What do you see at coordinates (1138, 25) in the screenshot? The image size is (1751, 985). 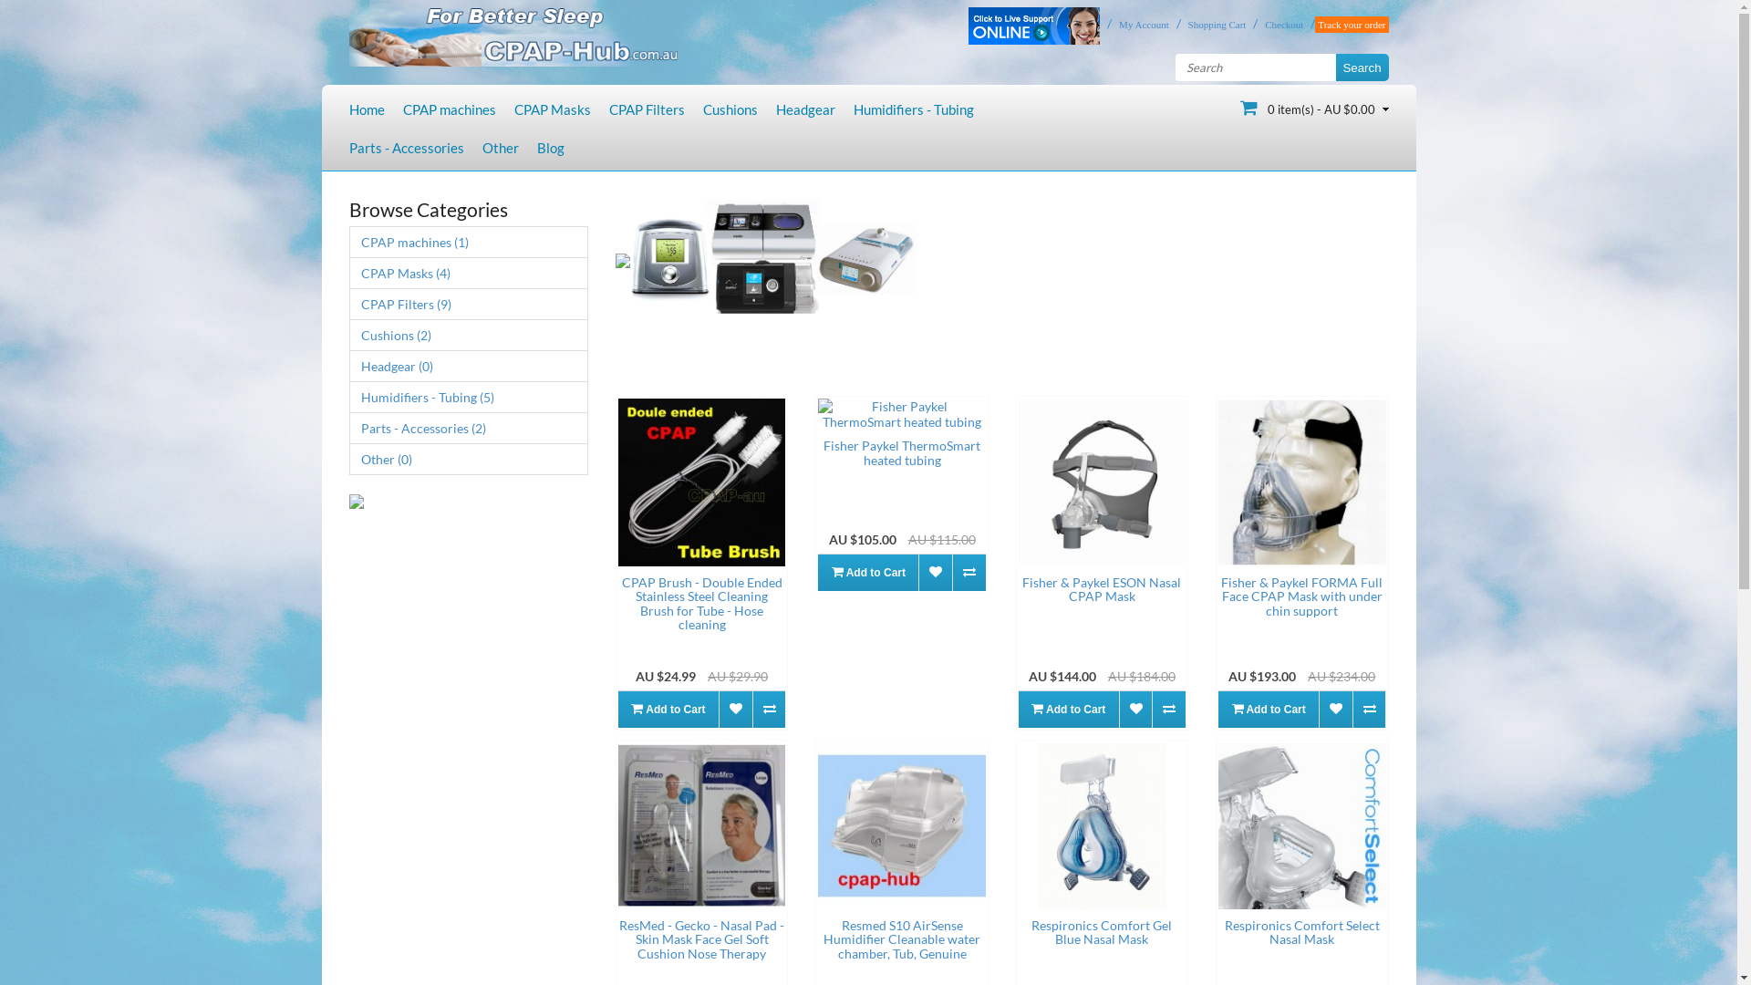 I see `'My Account'` at bounding box center [1138, 25].